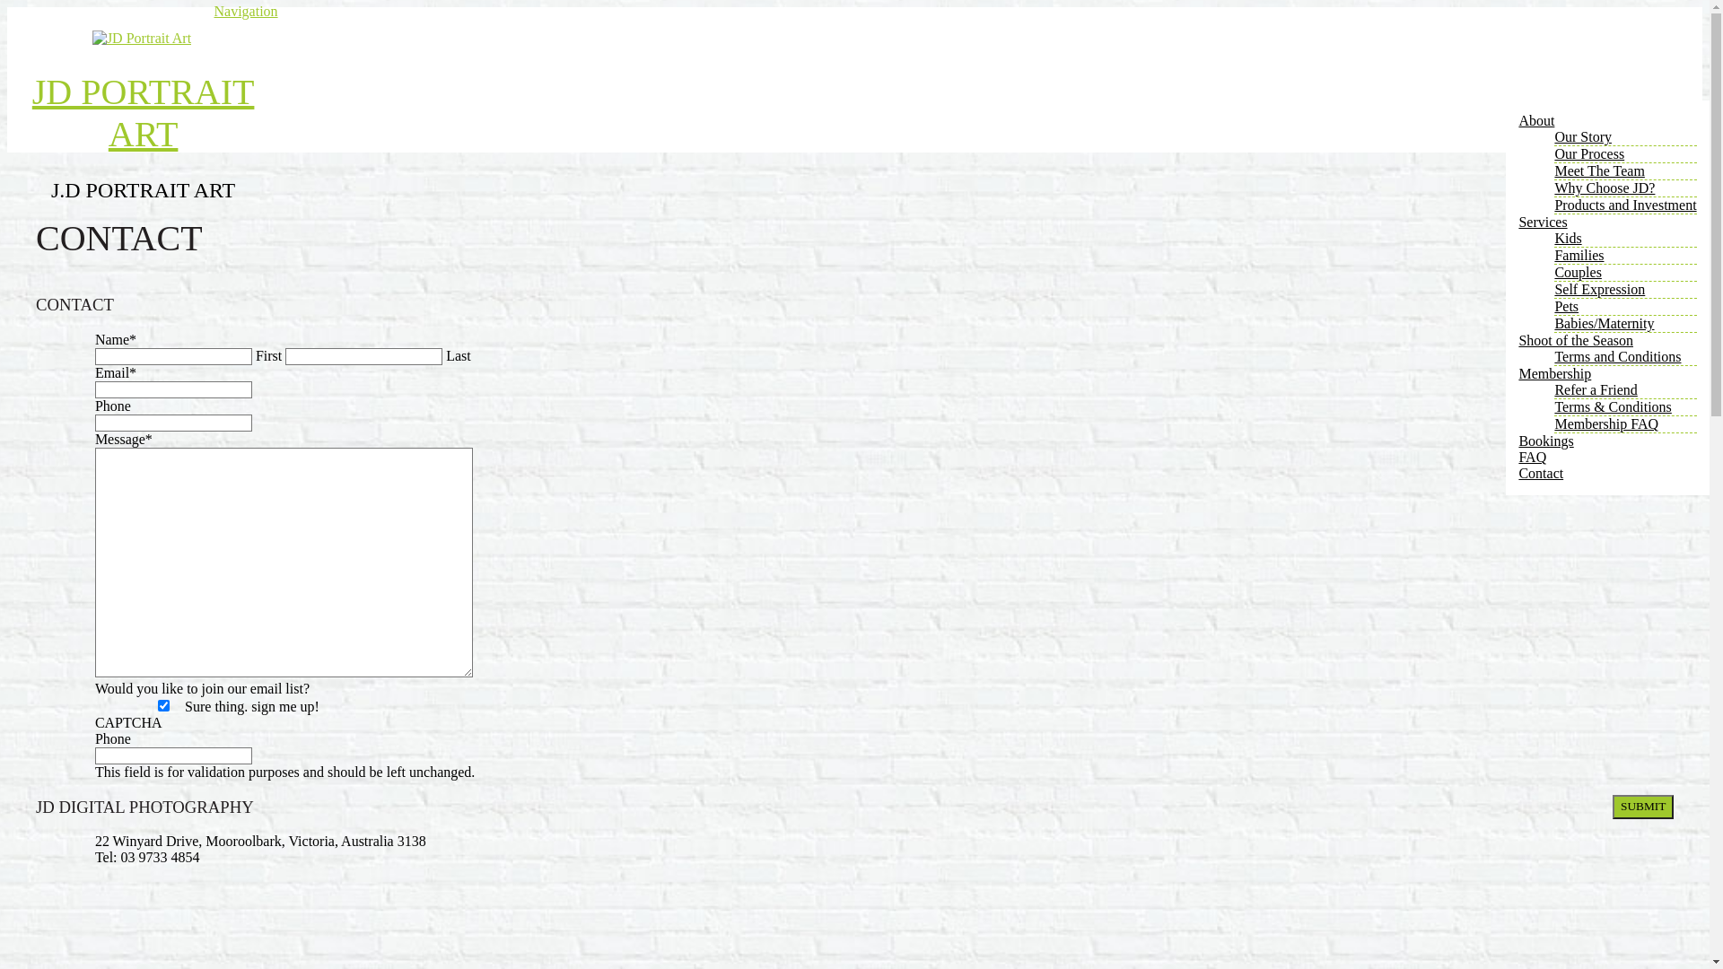 The height and width of the screenshot is (969, 1723). I want to click on 'Navigation', so click(244, 11).